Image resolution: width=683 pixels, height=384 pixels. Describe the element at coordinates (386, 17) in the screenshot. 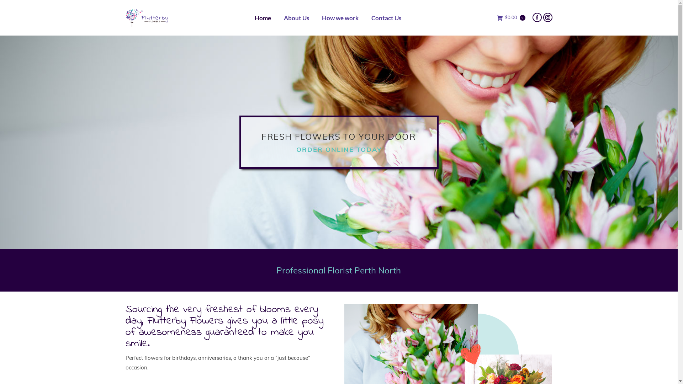

I see `'Contact Us'` at that location.